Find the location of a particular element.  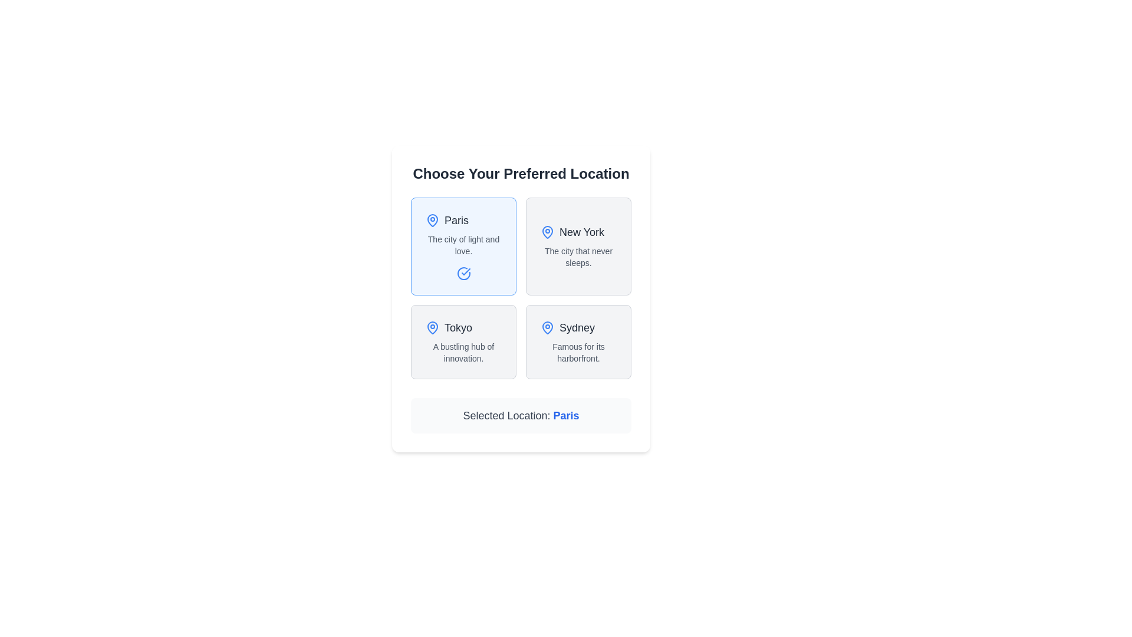

displayed information from the text display component that indicates the currently selected location, located directly below the grid of location options is located at coordinates (520, 415).